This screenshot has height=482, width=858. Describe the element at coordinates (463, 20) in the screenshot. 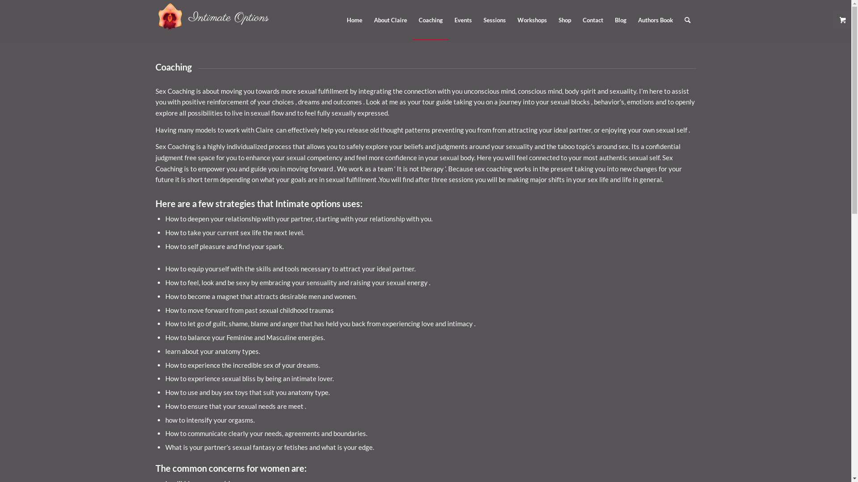

I see `'Events'` at that location.